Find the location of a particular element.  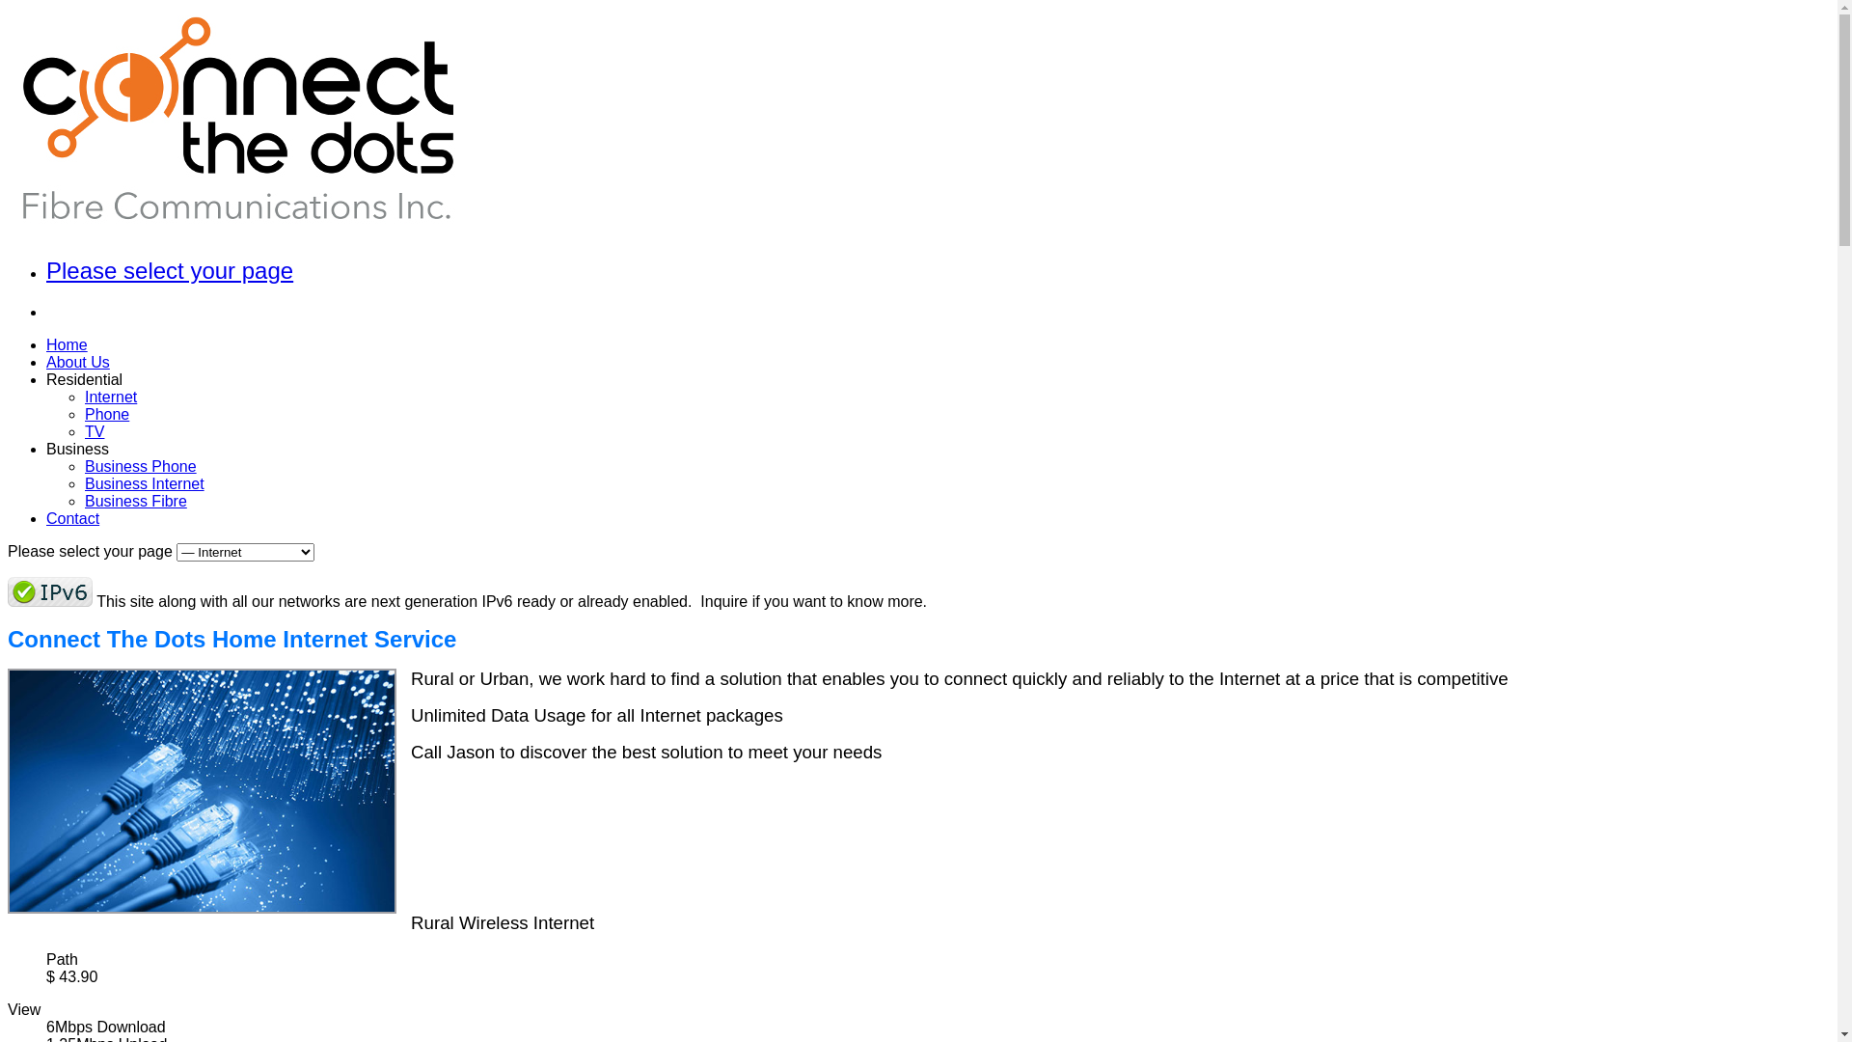

'Internet' is located at coordinates (110, 396).